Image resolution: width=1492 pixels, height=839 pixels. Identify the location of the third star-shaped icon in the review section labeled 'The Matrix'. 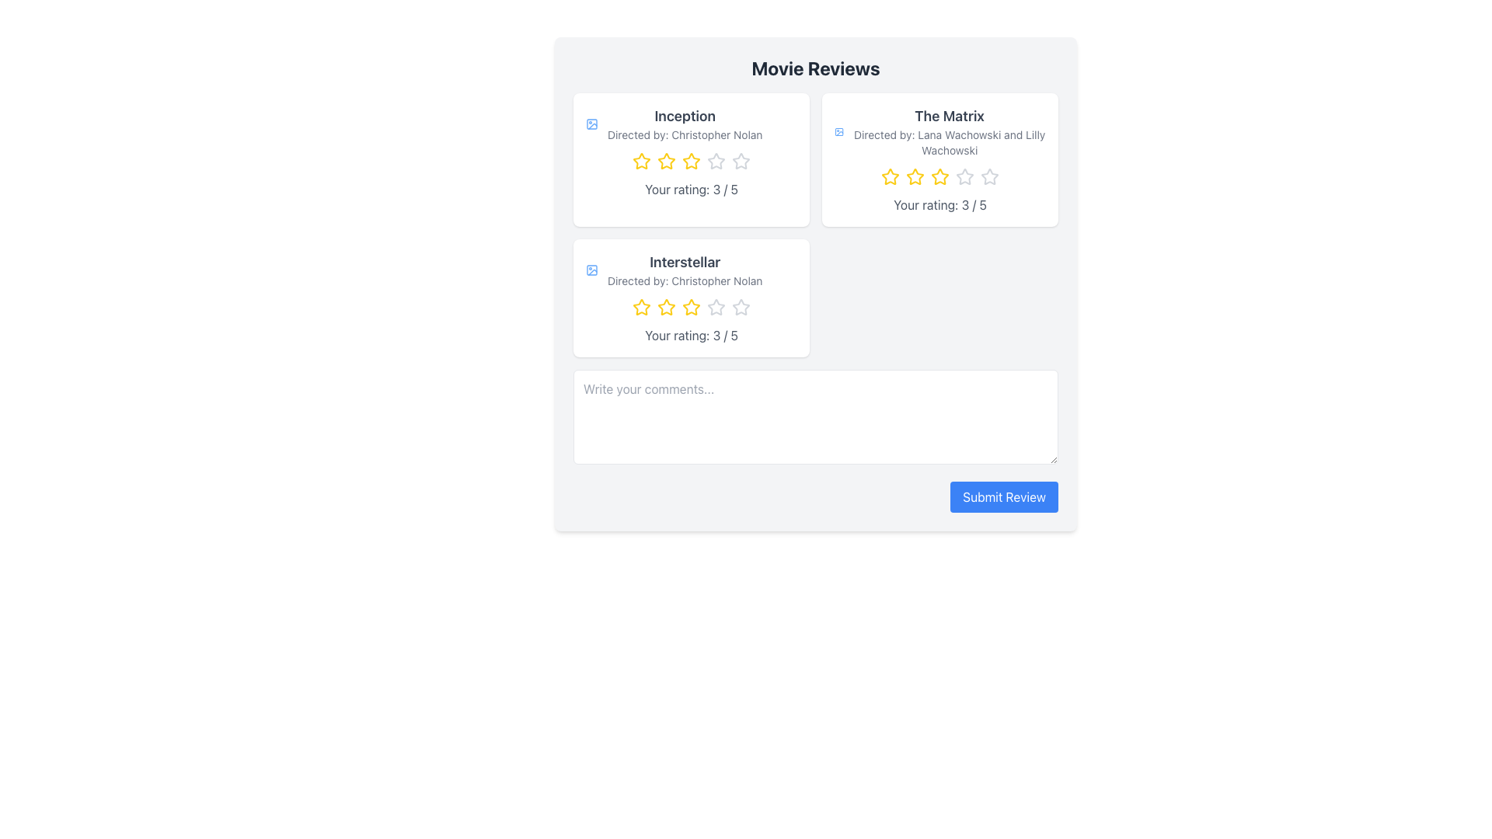
(964, 176).